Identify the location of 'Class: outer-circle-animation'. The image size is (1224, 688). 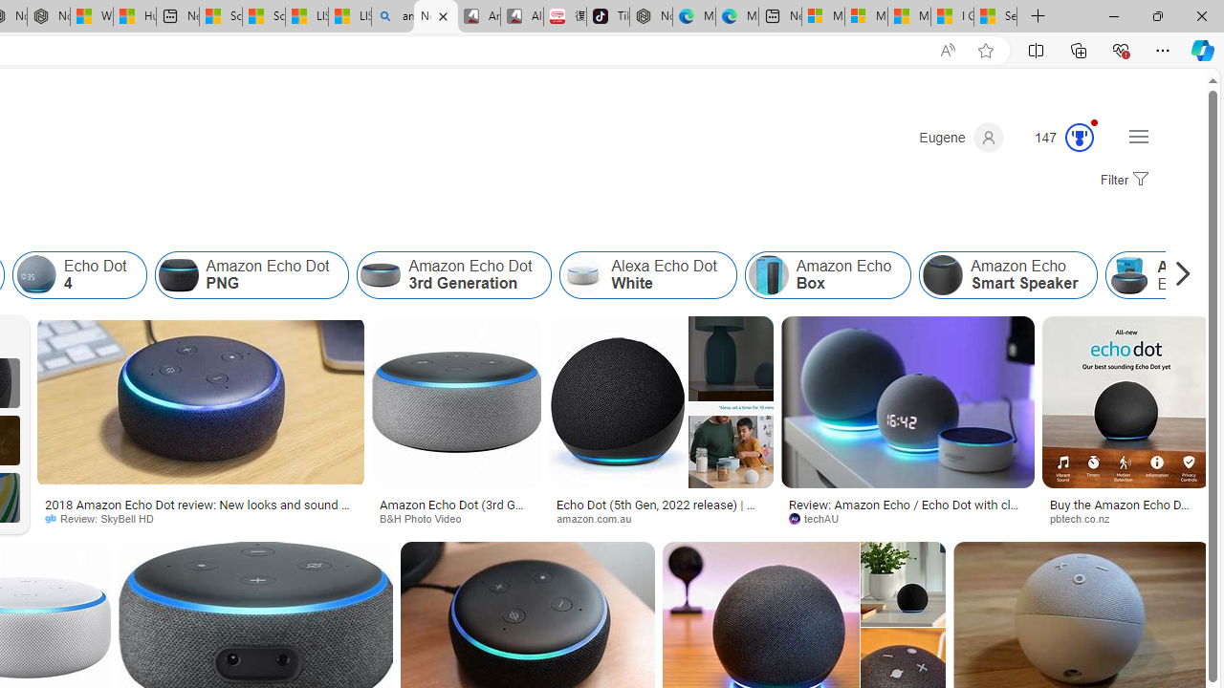
(1080, 137).